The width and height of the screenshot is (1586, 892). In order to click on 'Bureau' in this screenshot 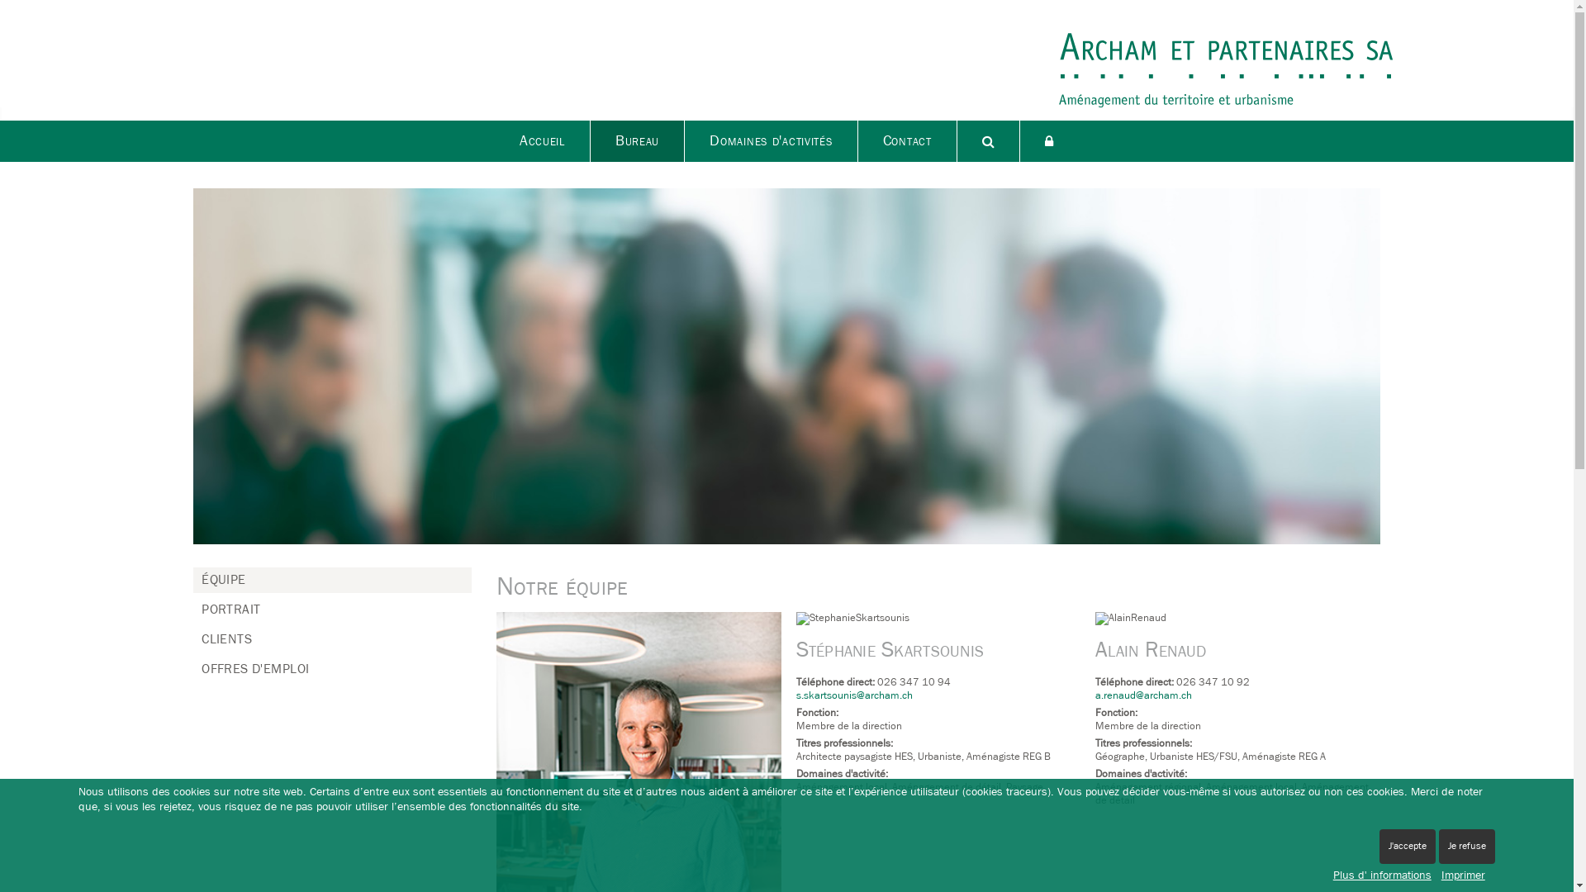, I will do `click(637, 140)`.